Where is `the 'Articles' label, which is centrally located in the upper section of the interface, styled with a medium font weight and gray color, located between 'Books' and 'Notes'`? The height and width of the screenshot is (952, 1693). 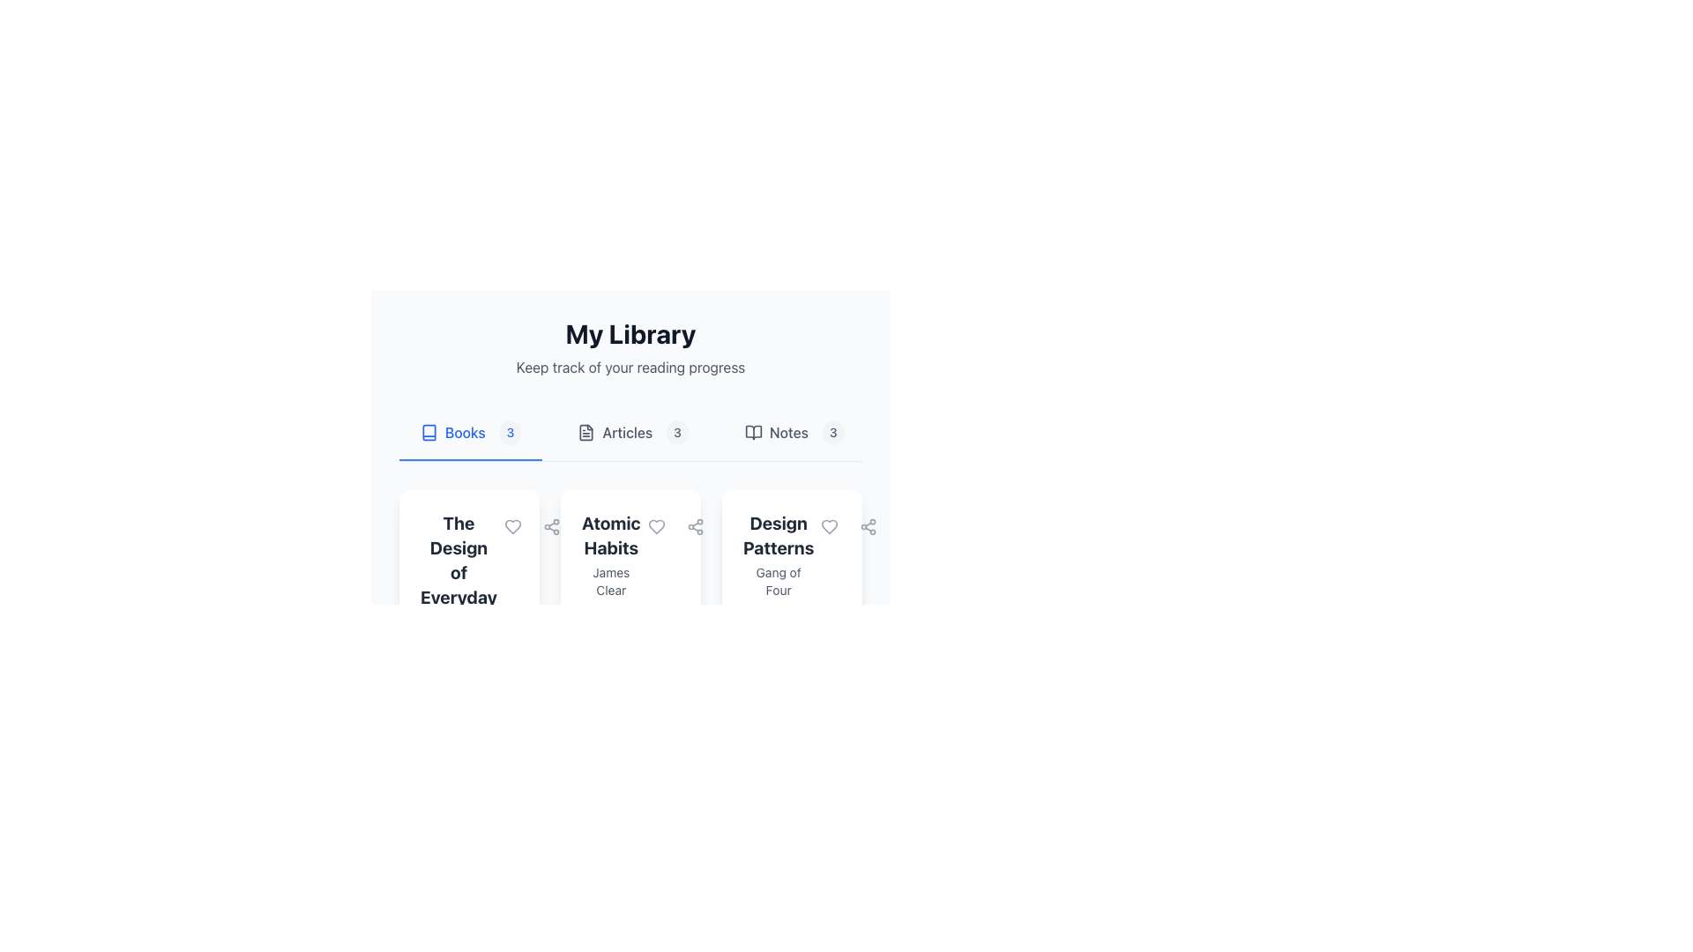 the 'Articles' label, which is centrally located in the upper section of the interface, styled with a medium font weight and gray color, located between 'Books' and 'Notes' is located at coordinates (627, 432).